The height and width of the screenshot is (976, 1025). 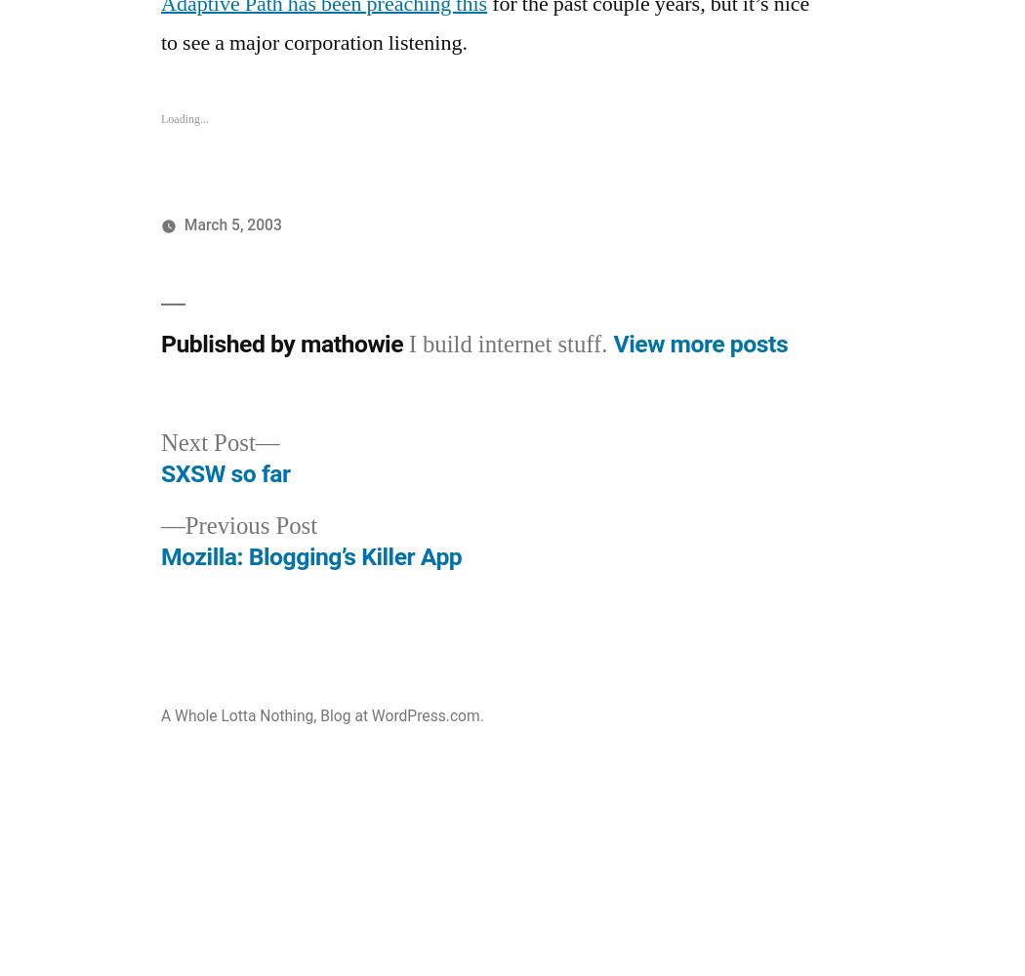 What do you see at coordinates (314, 714) in the screenshot?
I see `','` at bounding box center [314, 714].